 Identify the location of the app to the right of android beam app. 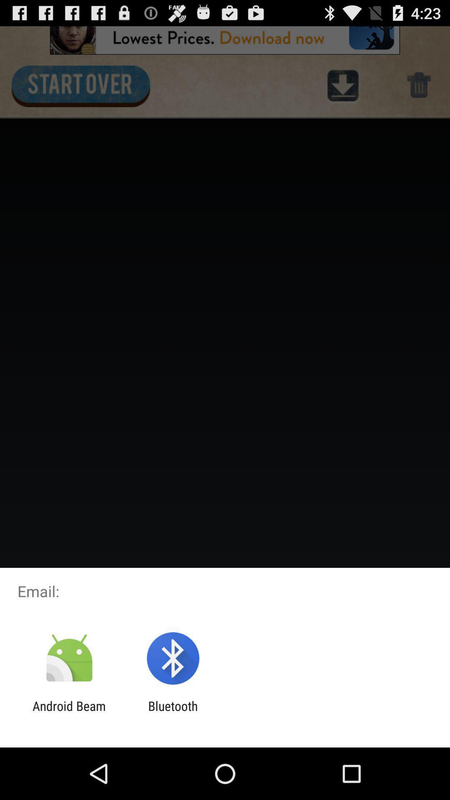
(172, 713).